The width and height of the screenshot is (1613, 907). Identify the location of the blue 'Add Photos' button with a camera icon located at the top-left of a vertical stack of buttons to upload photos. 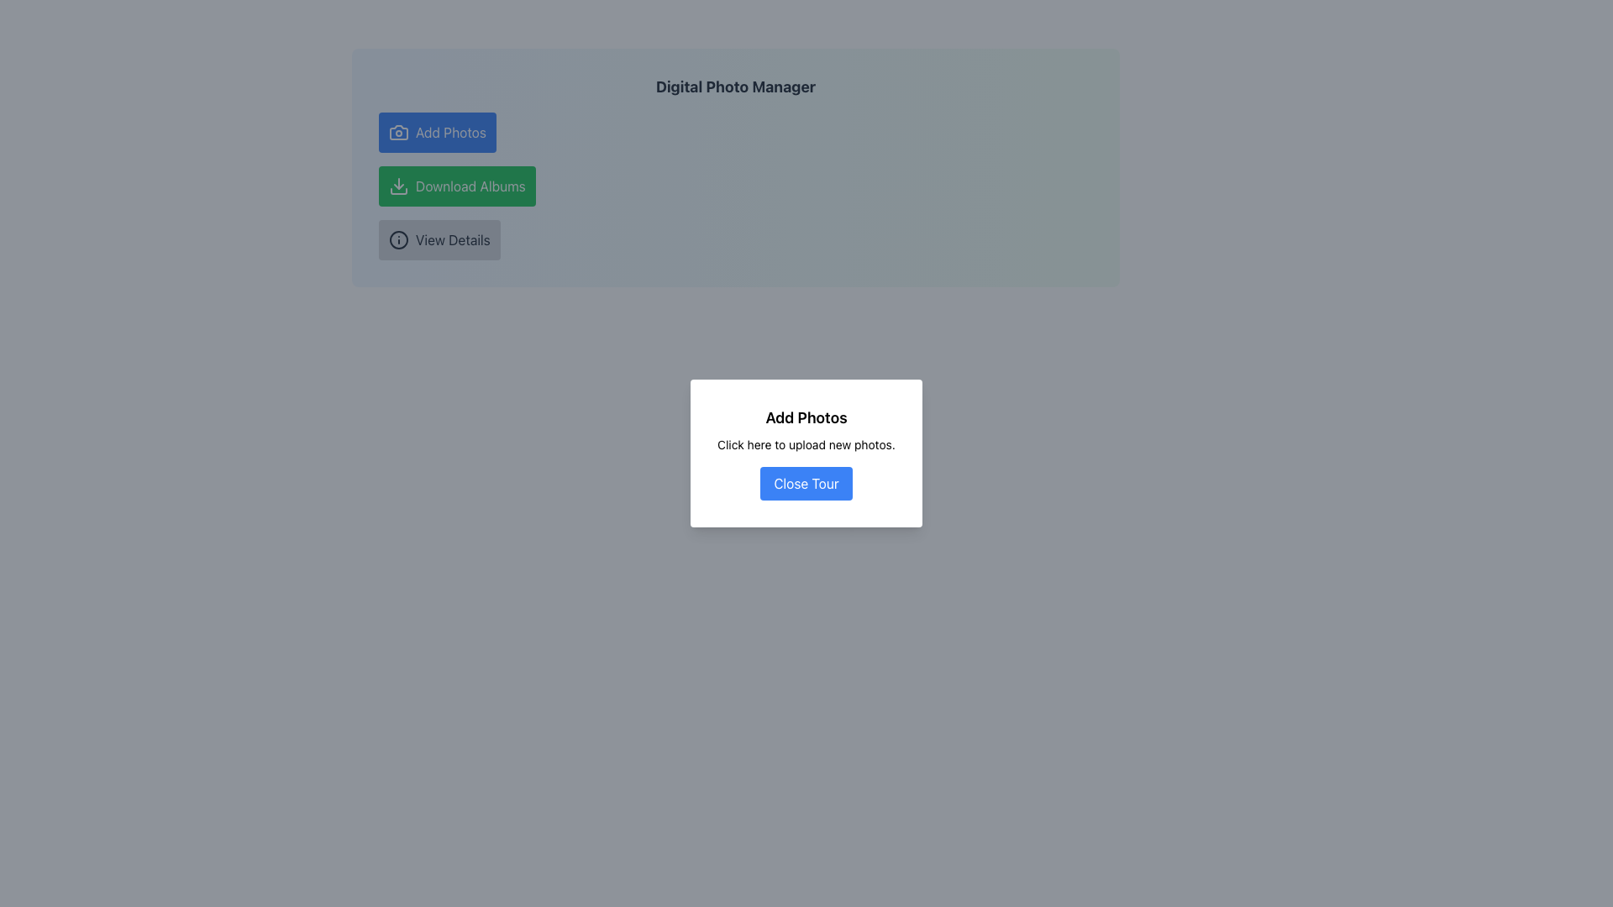
(437, 132).